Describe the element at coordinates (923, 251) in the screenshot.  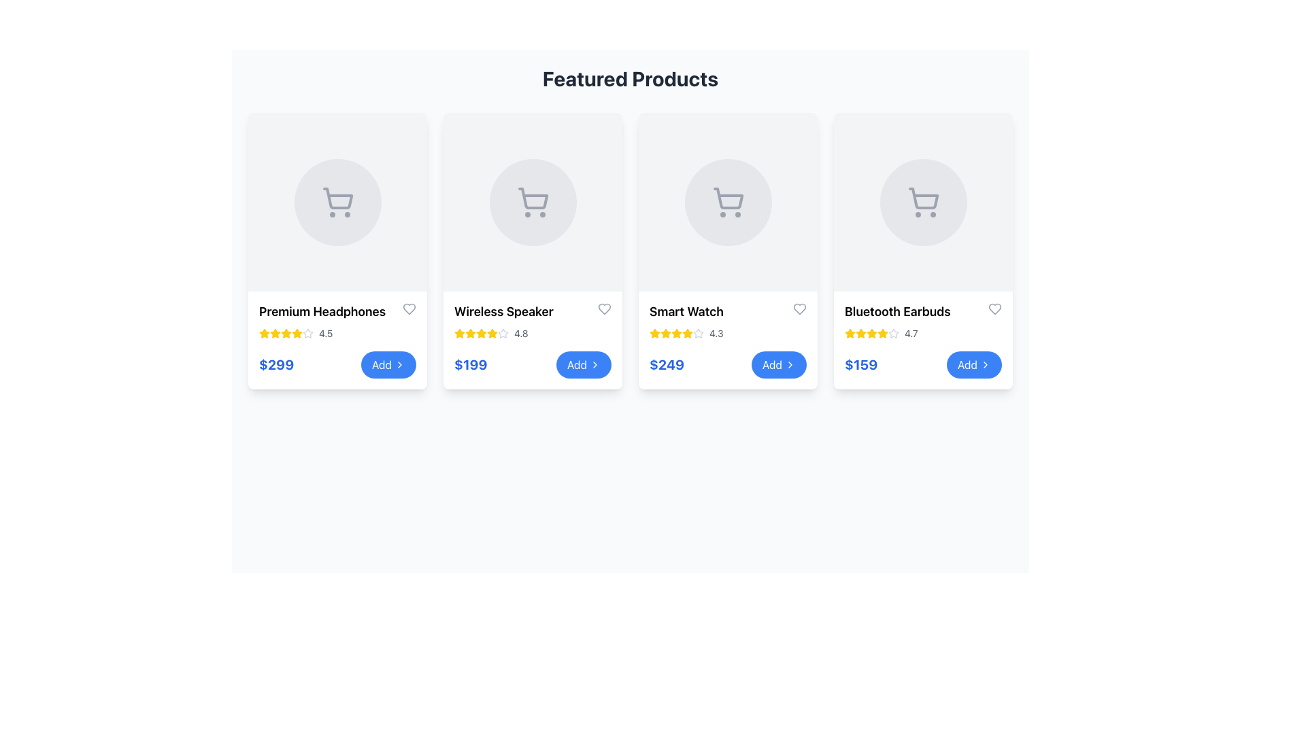
I see `the product card displaying 'Bluetooth Earbuds' with a blue 'Add' button, located at the rightmost position in the grid` at that location.